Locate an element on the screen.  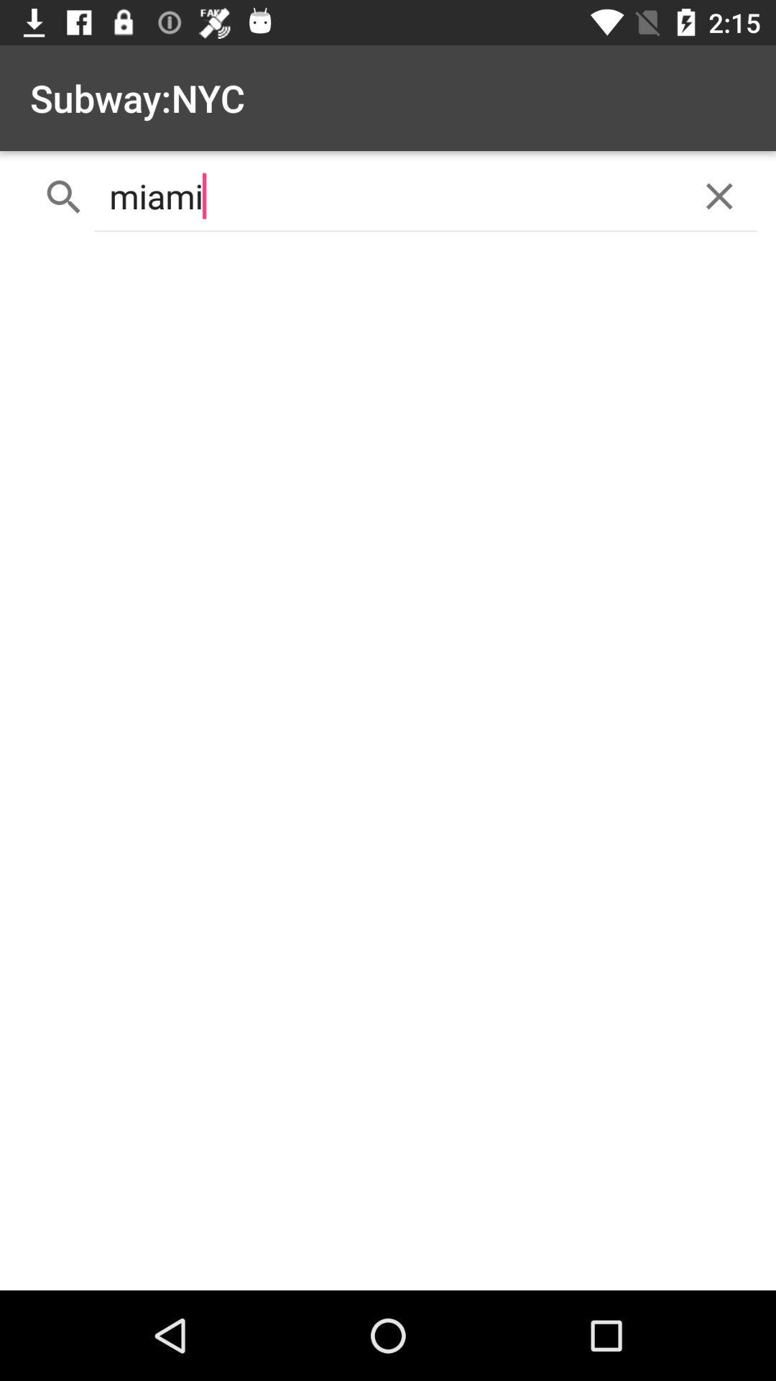
the item next to miami is located at coordinates (719, 196).